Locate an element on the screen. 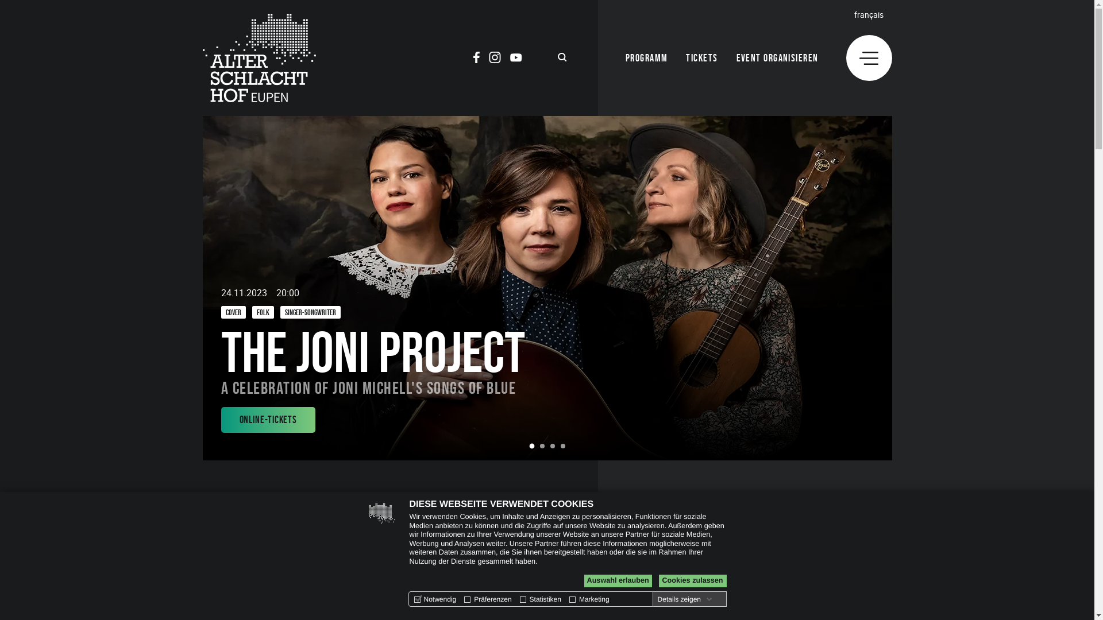  'Cookies zulassen' is located at coordinates (658, 580).